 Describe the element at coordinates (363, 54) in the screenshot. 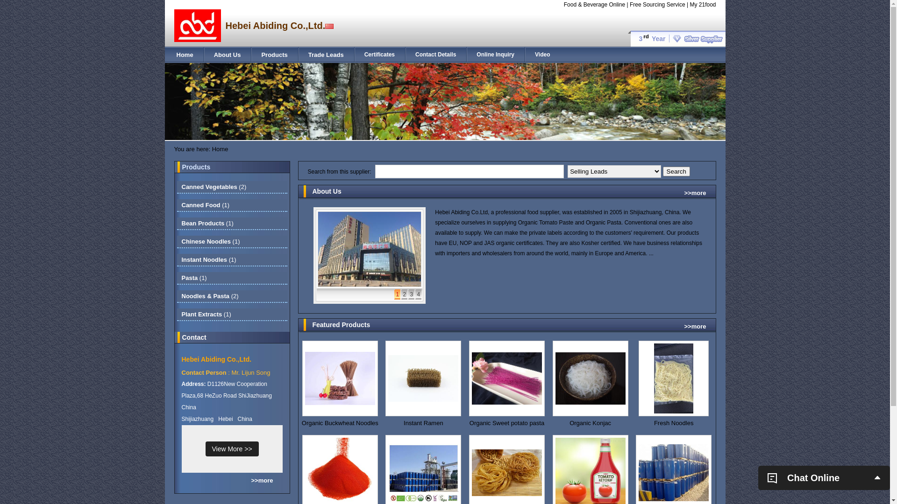

I see `'Certificates'` at that location.